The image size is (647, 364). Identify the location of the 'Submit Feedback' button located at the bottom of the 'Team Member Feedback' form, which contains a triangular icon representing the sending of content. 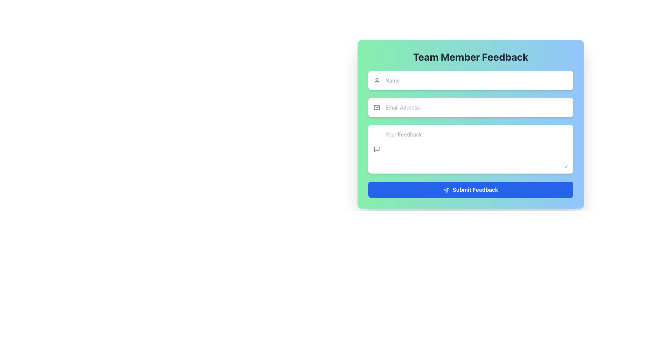
(446, 190).